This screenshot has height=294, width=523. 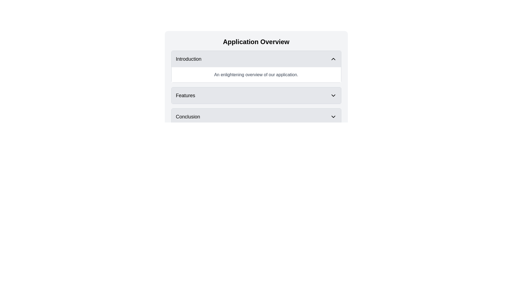 I want to click on the Text Label displaying 'An enlightening overview of our application.' which is located under the 'Introduction' header in the accordion layout, so click(x=256, y=75).